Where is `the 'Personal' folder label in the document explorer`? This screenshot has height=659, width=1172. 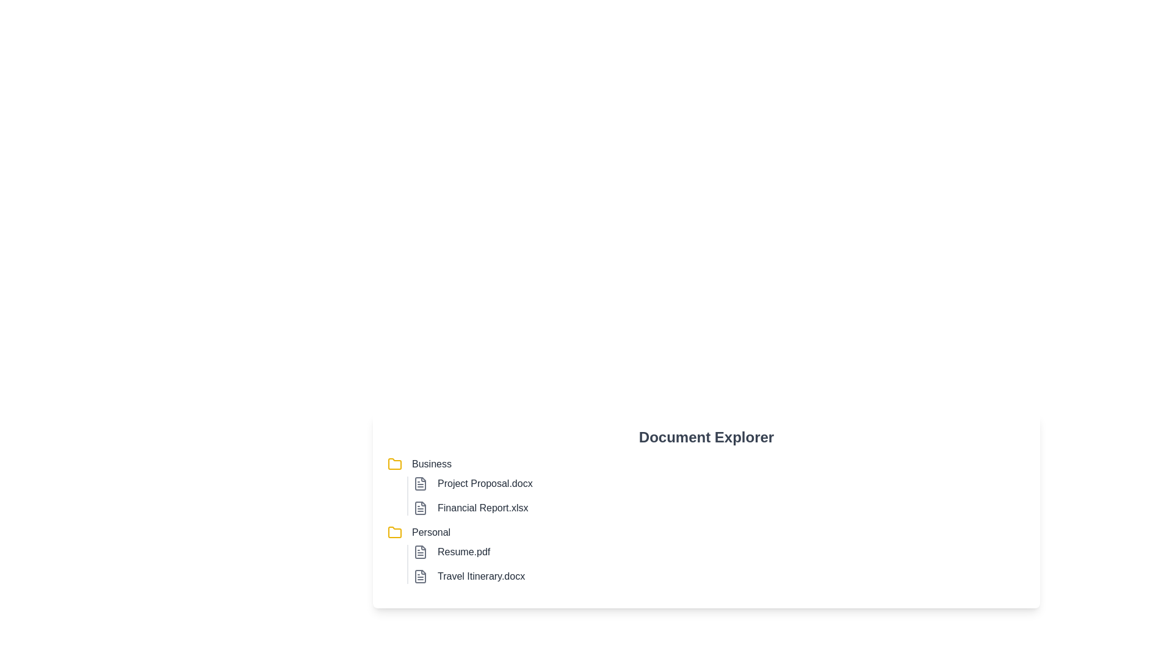
the 'Personal' folder label in the document explorer is located at coordinates (431, 531).